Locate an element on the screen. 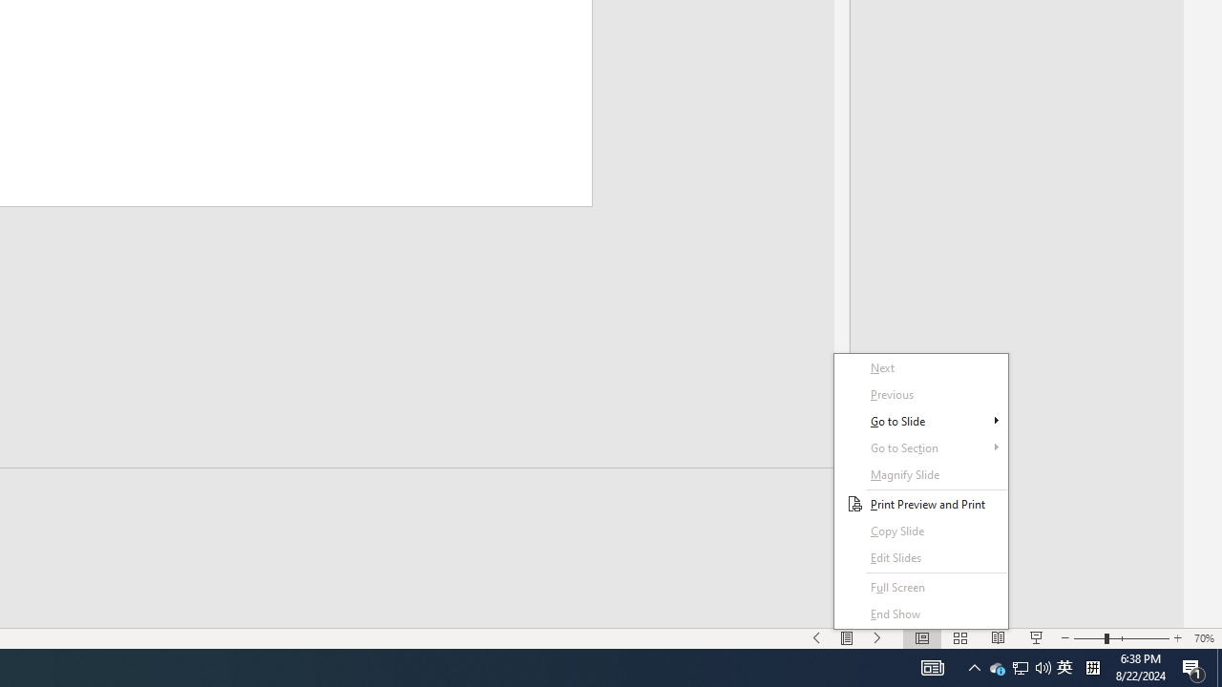  'Go to Section' is located at coordinates (921, 448).